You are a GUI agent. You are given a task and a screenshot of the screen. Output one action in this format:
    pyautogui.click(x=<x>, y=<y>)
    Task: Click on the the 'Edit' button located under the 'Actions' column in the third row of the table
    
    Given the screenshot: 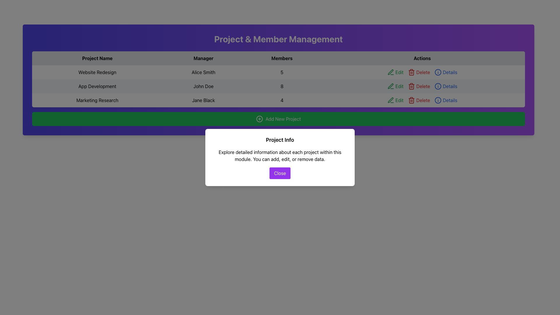 What is the action you would take?
    pyautogui.click(x=395, y=100)
    